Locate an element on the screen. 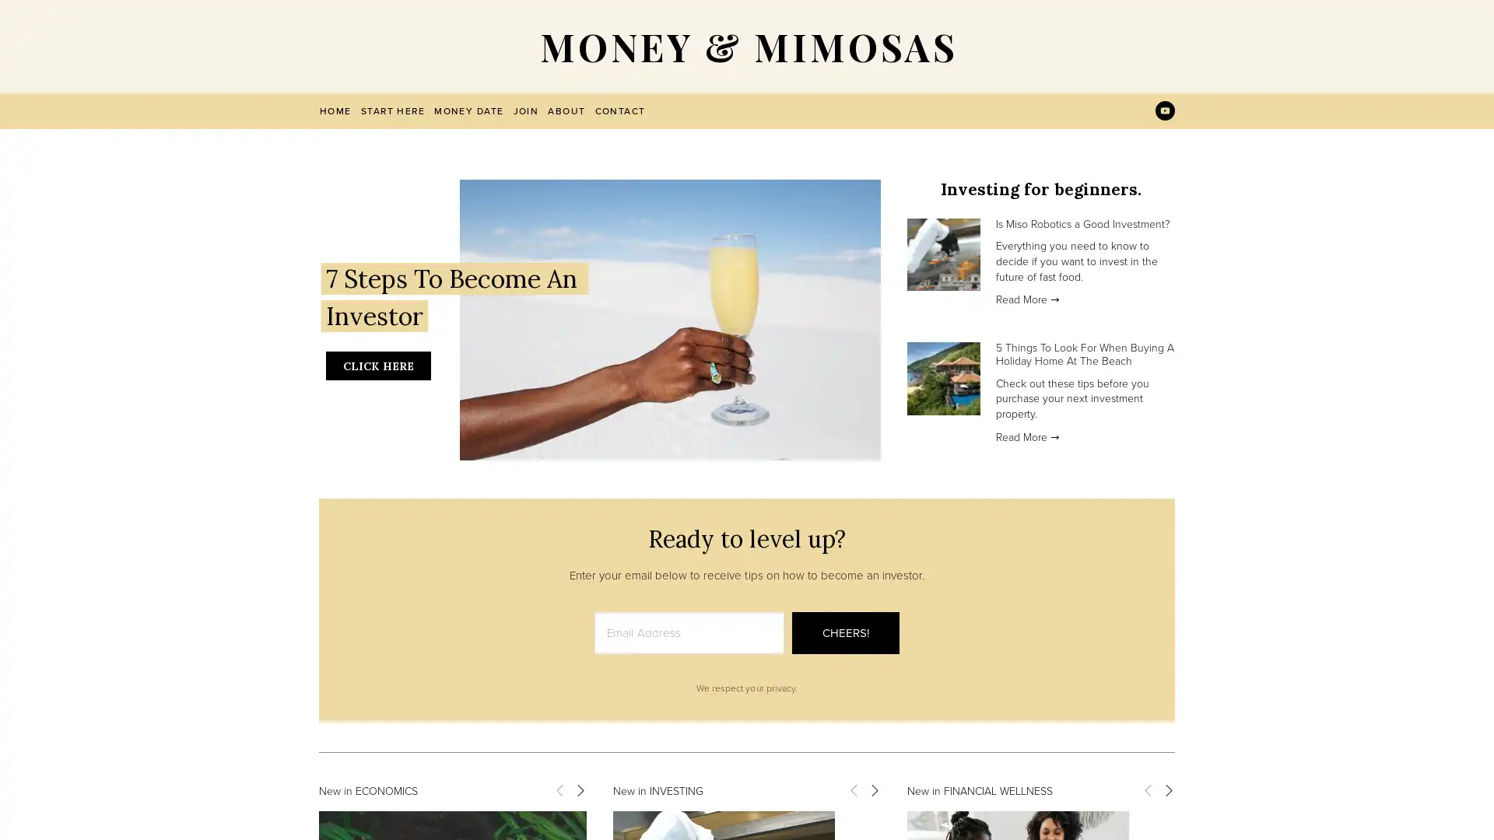 The height and width of the screenshot is (840, 1494). Yes, I love Money & Mimosas. is located at coordinates (893, 464).